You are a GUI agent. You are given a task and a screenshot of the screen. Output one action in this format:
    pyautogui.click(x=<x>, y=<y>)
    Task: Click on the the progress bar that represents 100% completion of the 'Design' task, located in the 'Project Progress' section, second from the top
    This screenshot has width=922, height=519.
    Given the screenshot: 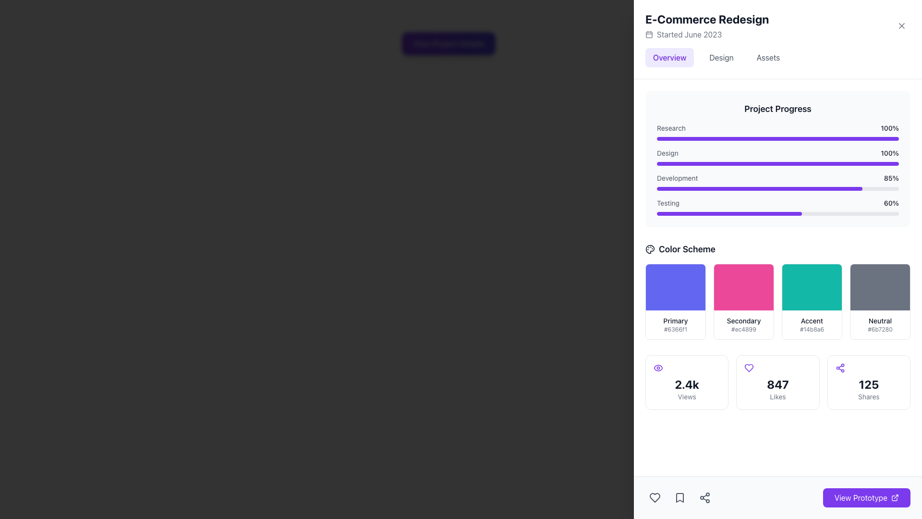 What is the action you would take?
    pyautogui.click(x=778, y=157)
    